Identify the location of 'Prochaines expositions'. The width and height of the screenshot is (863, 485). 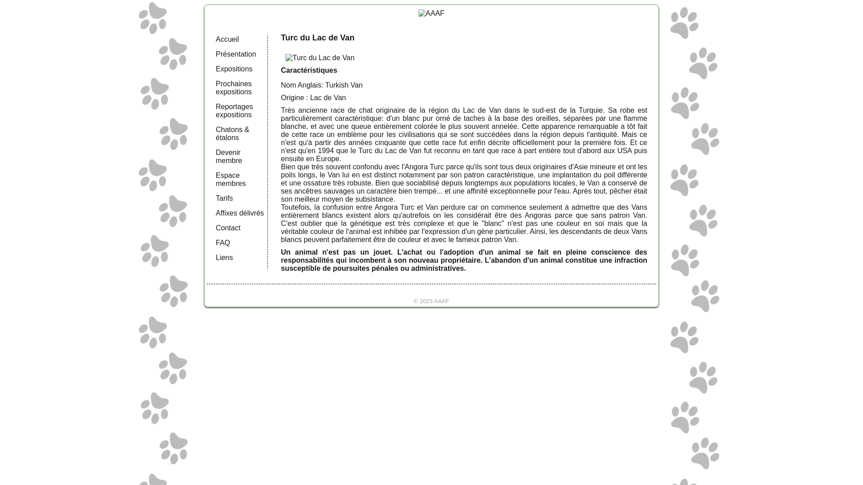
(233, 88).